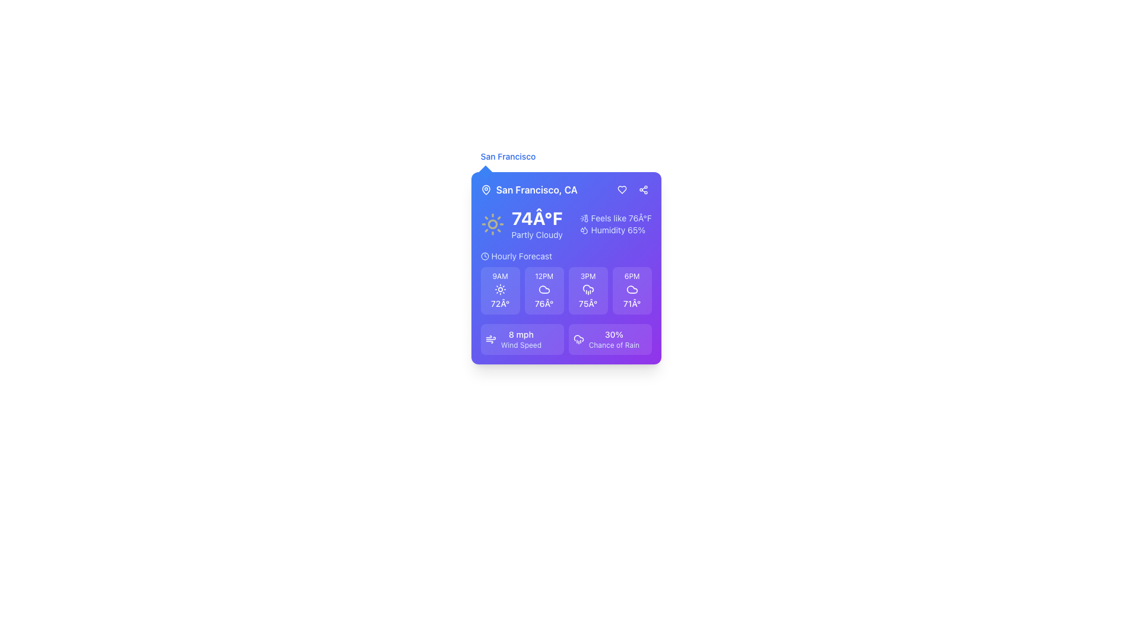 The image size is (1140, 641). I want to click on the share icon located at the upper right corner of the weather widget to share the content or information, so click(642, 189).